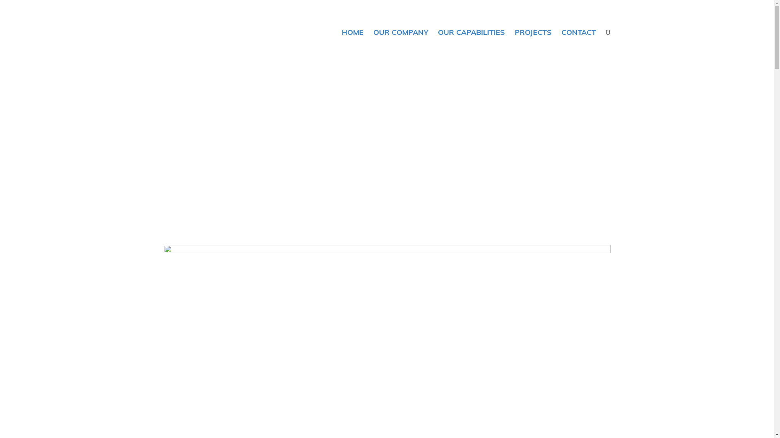 The height and width of the screenshot is (438, 780). I want to click on 'OUR CAPABILITIES', so click(471, 32).